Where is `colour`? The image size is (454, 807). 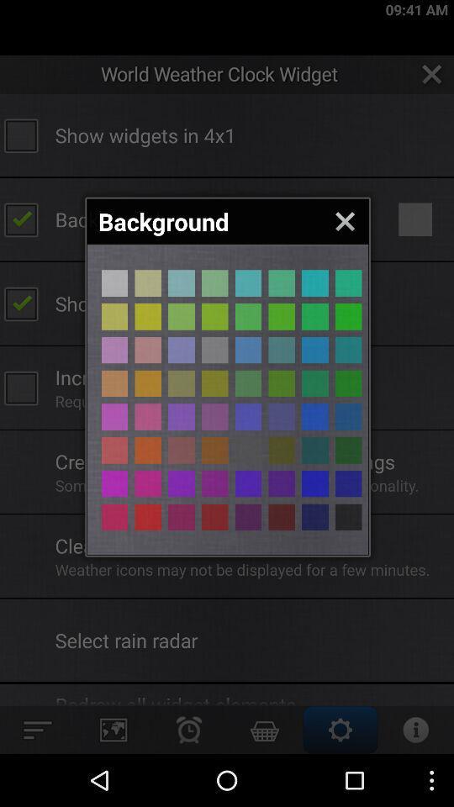 colour is located at coordinates (214, 349).